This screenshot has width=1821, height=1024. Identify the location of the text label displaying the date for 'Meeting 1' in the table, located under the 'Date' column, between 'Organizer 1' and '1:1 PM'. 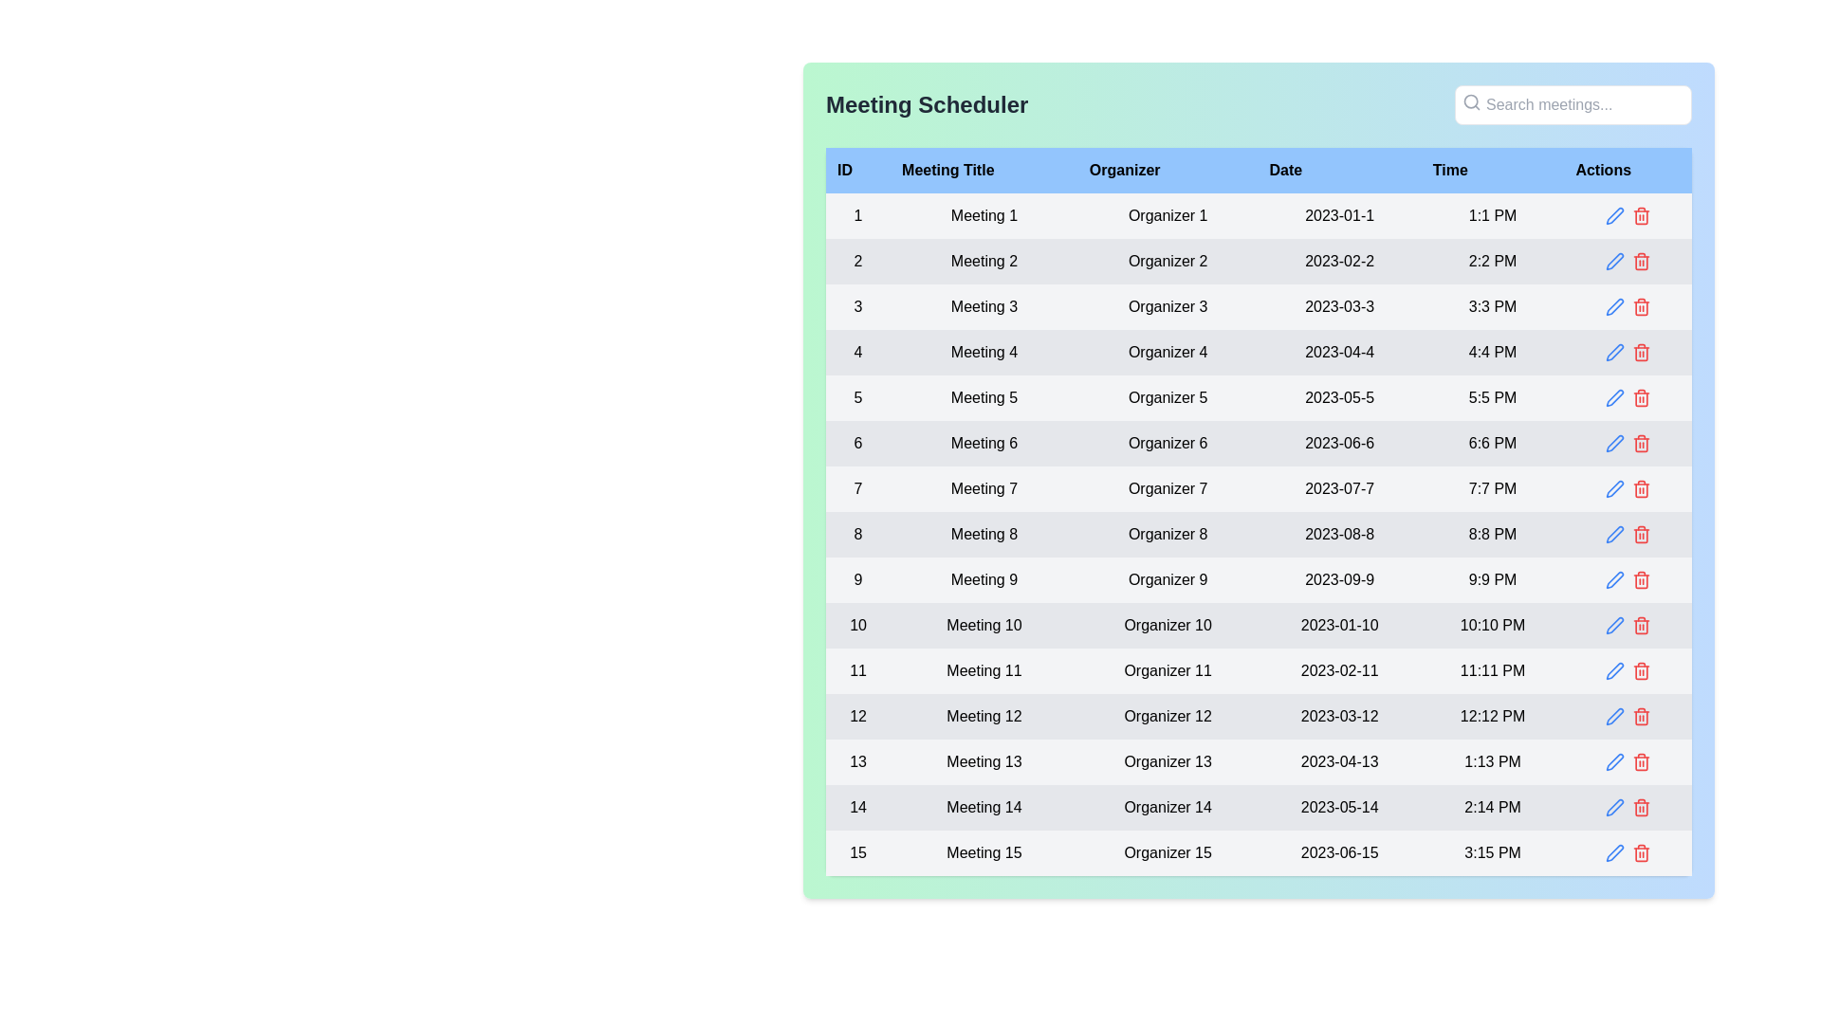
(1338, 214).